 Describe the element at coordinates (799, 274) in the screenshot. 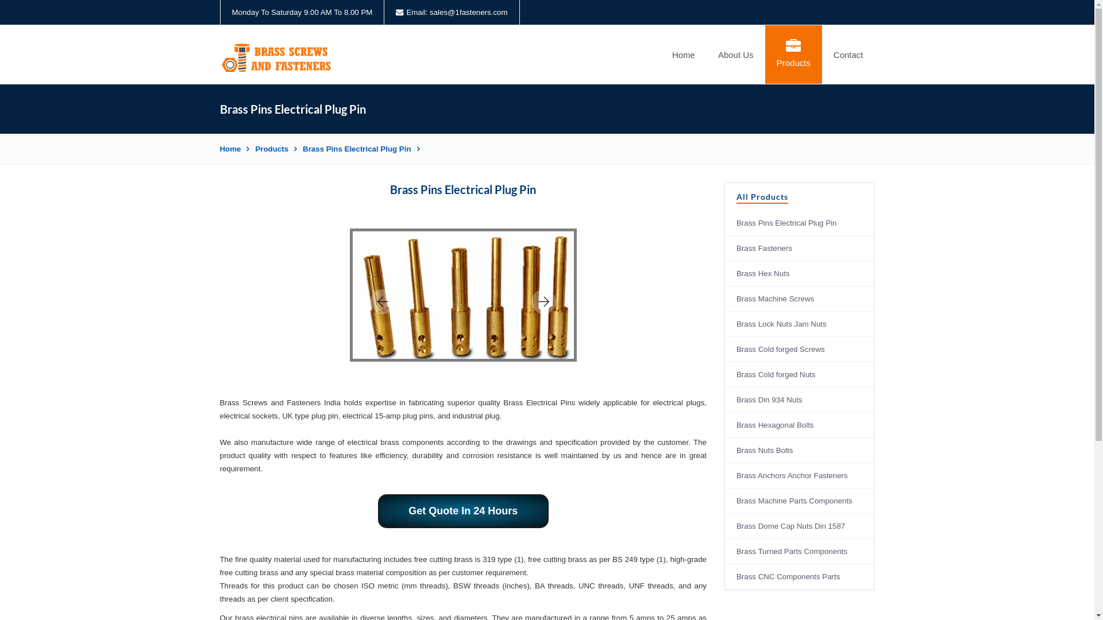

I see `'Brass Hex Nuts'` at that location.